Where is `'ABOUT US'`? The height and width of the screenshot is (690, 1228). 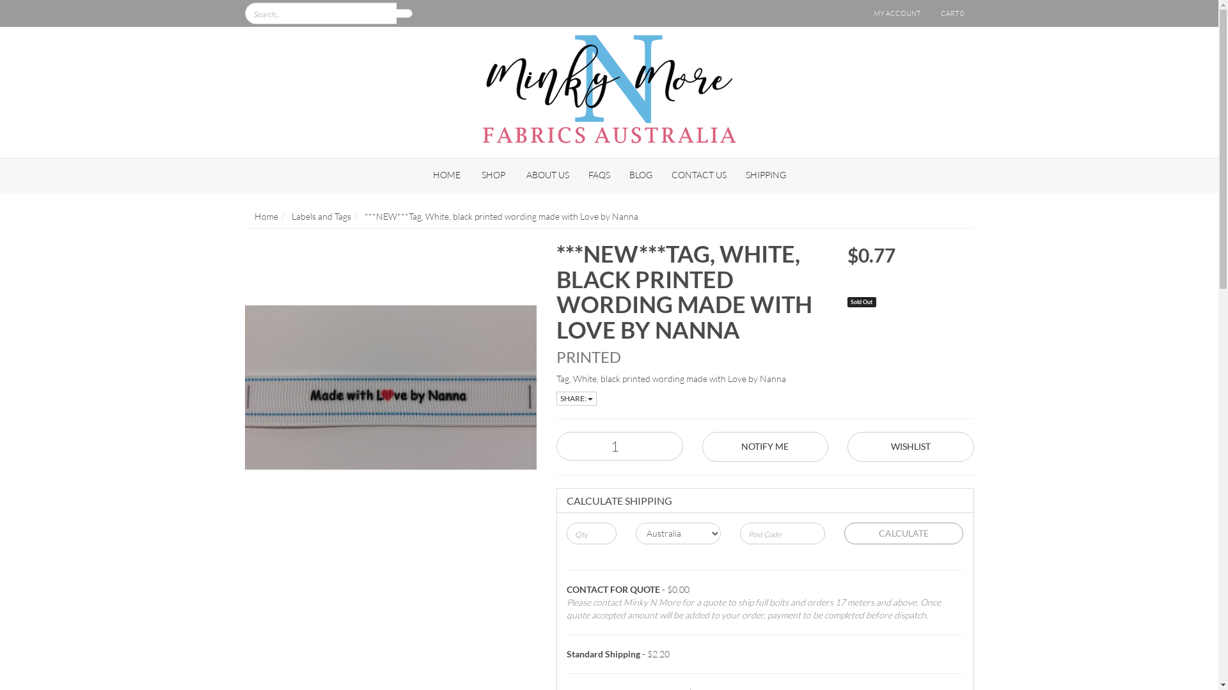
'ABOUT US' is located at coordinates (547, 174).